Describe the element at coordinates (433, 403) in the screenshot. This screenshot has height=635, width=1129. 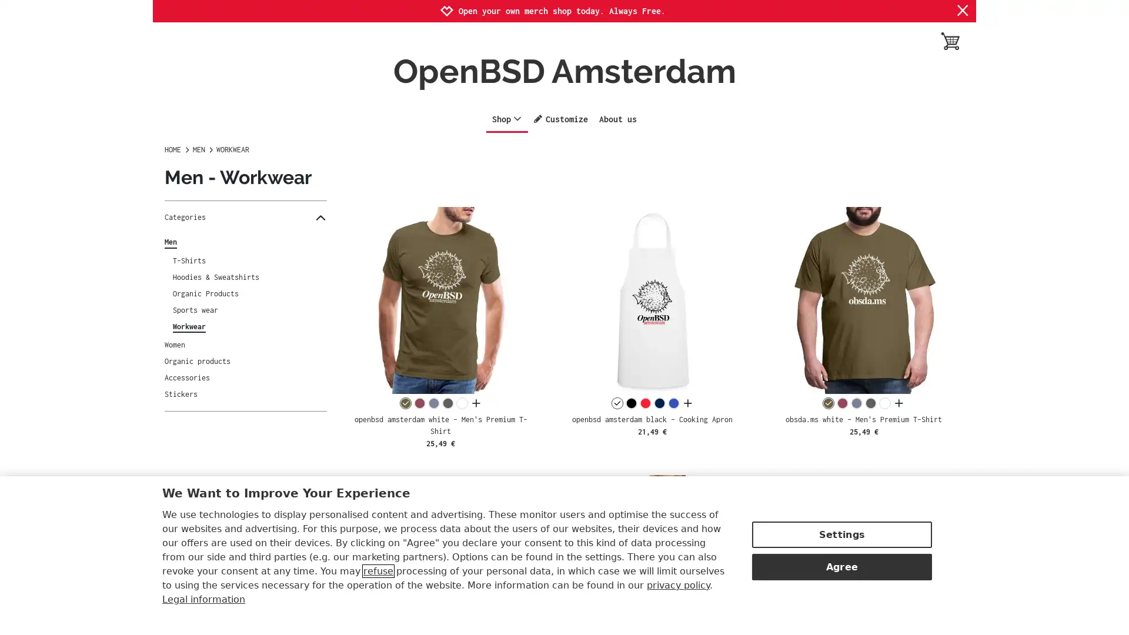
I see `heather blue` at that location.